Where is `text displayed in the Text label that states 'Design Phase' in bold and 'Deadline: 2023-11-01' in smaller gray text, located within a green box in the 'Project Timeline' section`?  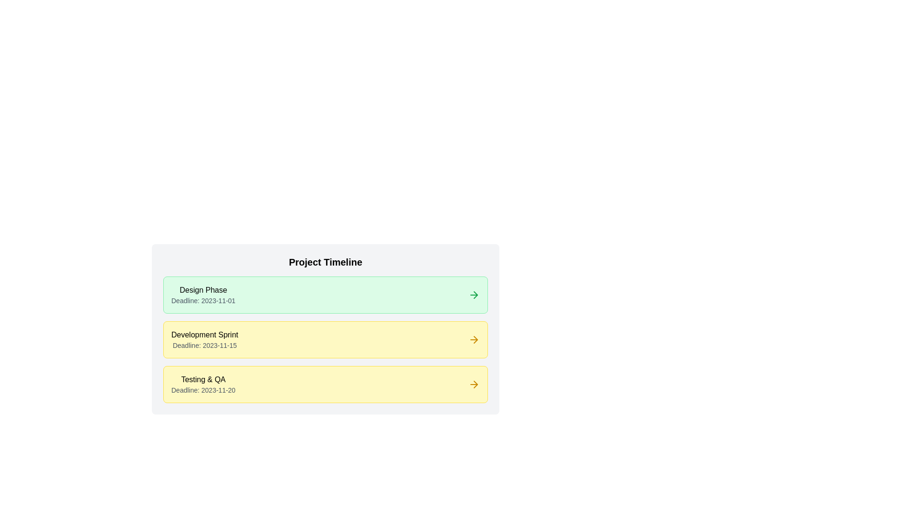
text displayed in the Text label that states 'Design Phase' in bold and 'Deadline: 2023-11-01' in smaller gray text, located within a green box in the 'Project Timeline' section is located at coordinates (203, 295).